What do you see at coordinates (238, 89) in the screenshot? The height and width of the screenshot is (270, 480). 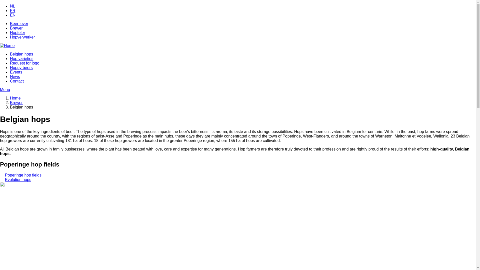 I see `'Menu'` at bounding box center [238, 89].